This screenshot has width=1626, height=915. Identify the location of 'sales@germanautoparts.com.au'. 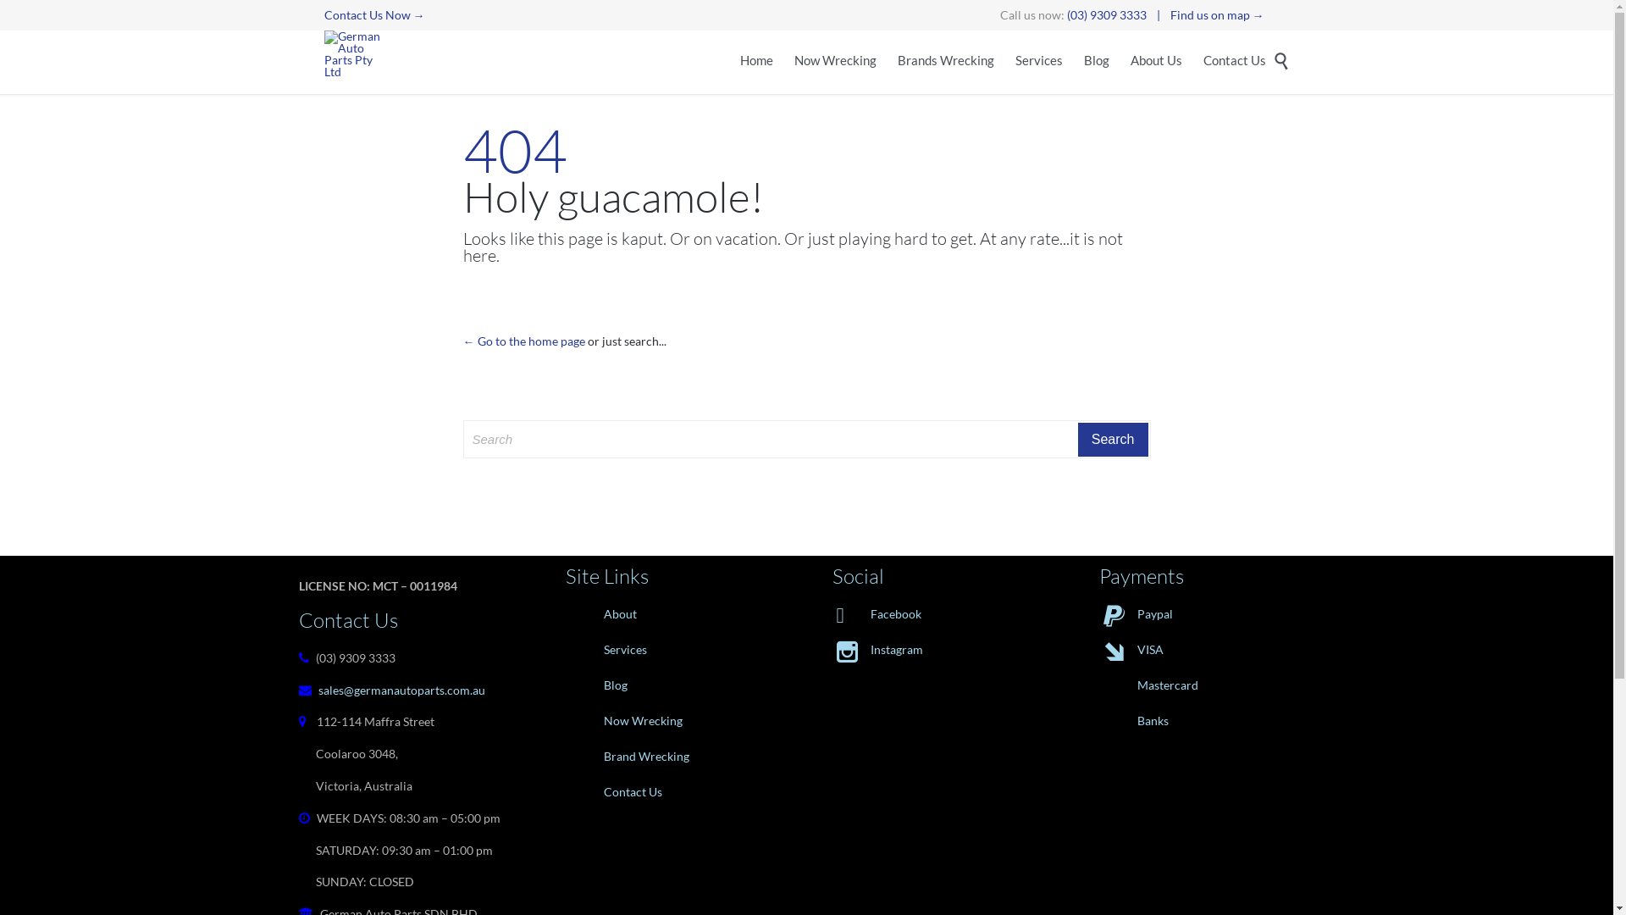
(401, 690).